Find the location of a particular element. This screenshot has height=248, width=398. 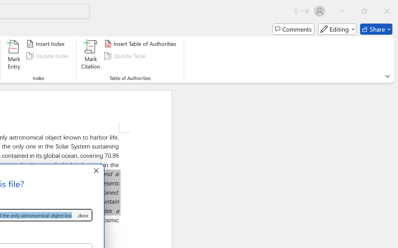

'Update Table' is located at coordinates (126, 55).